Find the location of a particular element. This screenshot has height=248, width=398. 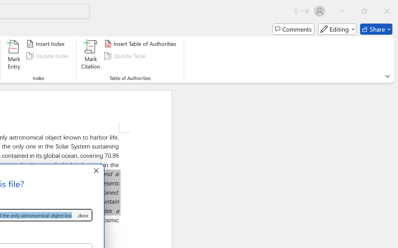

'Update Table' is located at coordinates (126, 55).